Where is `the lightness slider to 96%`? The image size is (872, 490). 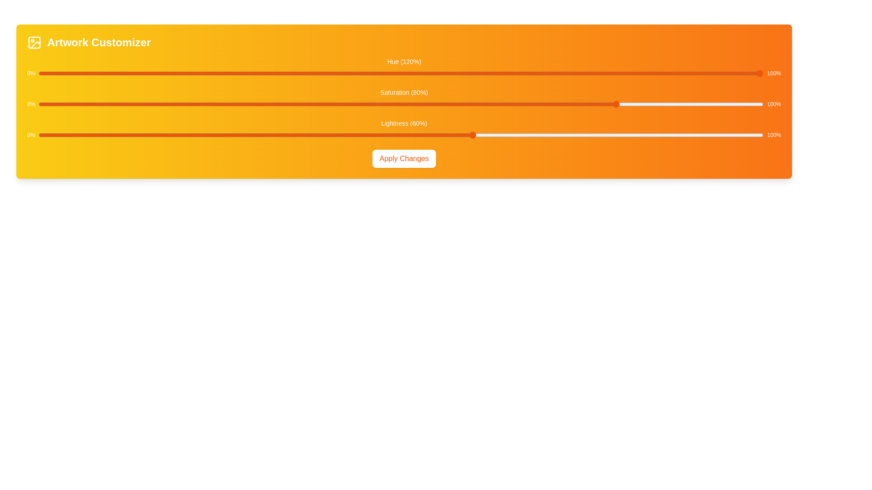 the lightness slider to 96% is located at coordinates (734, 135).